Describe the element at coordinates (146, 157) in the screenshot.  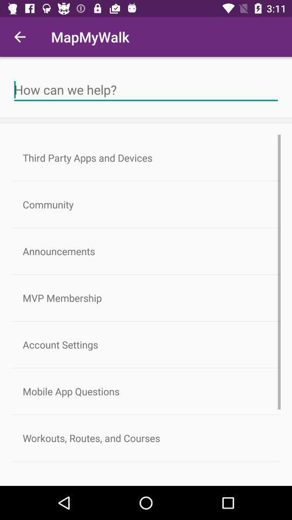
I see `the third party apps icon` at that location.